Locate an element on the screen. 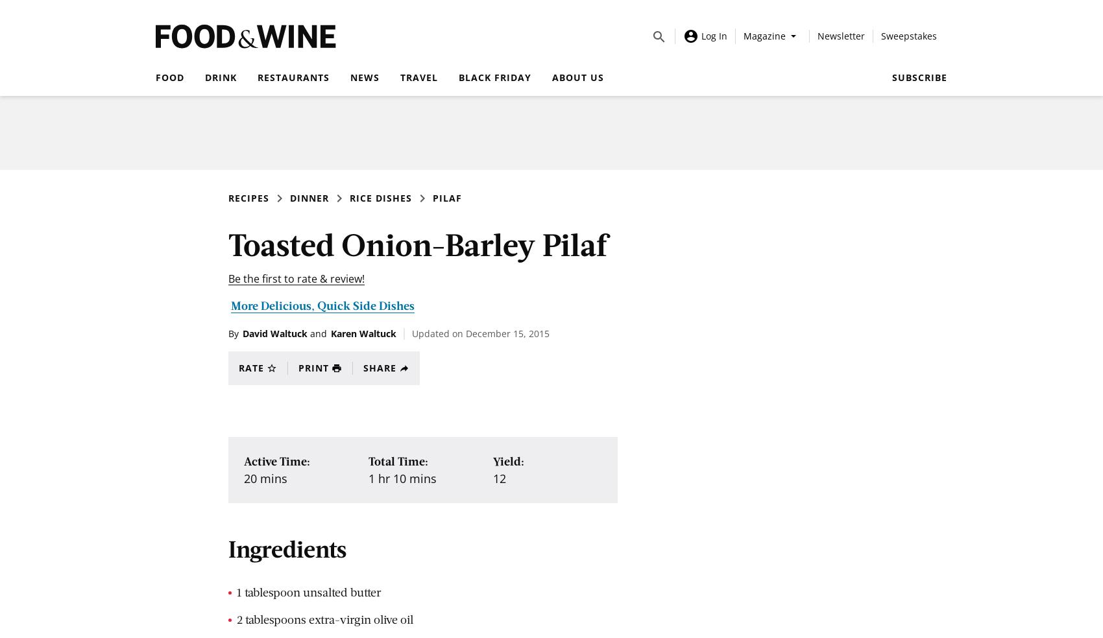 The image size is (1103, 638). 'Updated on December 15, 2015' is located at coordinates (481, 333).